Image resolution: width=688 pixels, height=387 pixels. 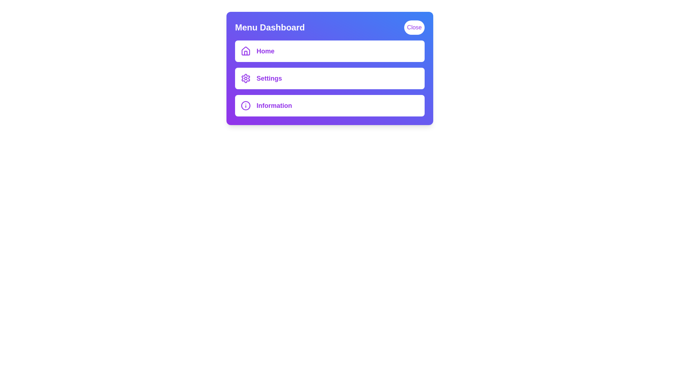 What do you see at coordinates (414, 27) in the screenshot?
I see `'Close' button to toggle the menu visibility` at bounding box center [414, 27].